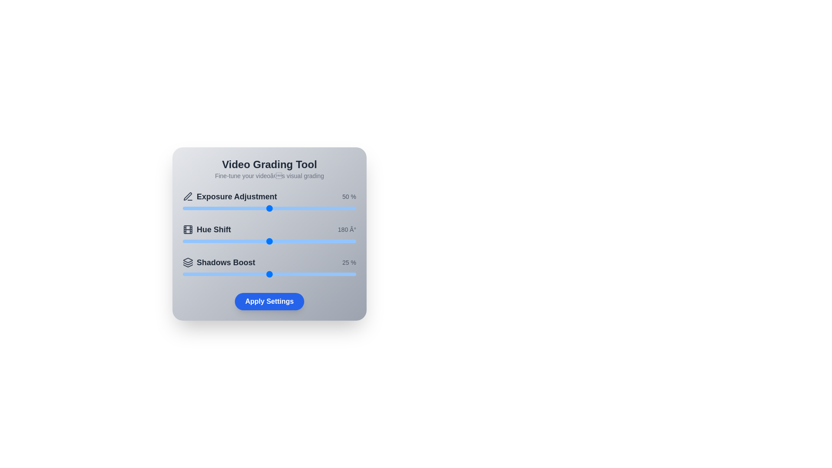 Image resolution: width=832 pixels, height=468 pixels. What do you see at coordinates (311, 274) in the screenshot?
I see `the 'Shadows Boost' slider` at bounding box center [311, 274].